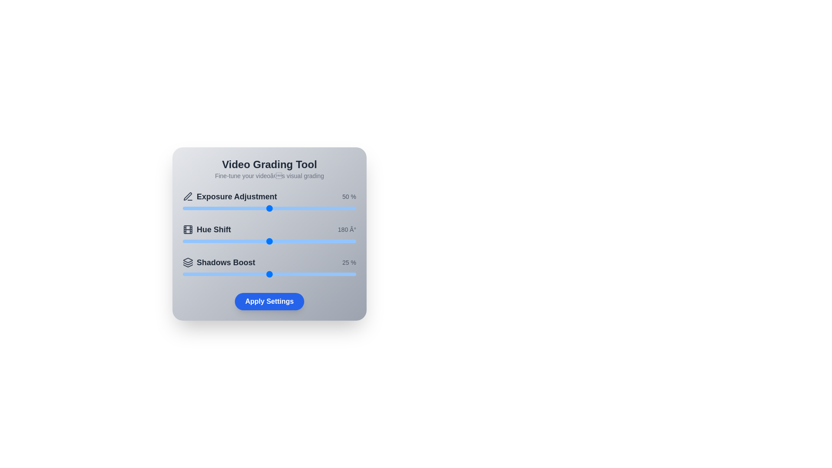 Image resolution: width=832 pixels, height=468 pixels. What do you see at coordinates (311, 274) in the screenshot?
I see `the 'Shadows Boost' slider` at bounding box center [311, 274].